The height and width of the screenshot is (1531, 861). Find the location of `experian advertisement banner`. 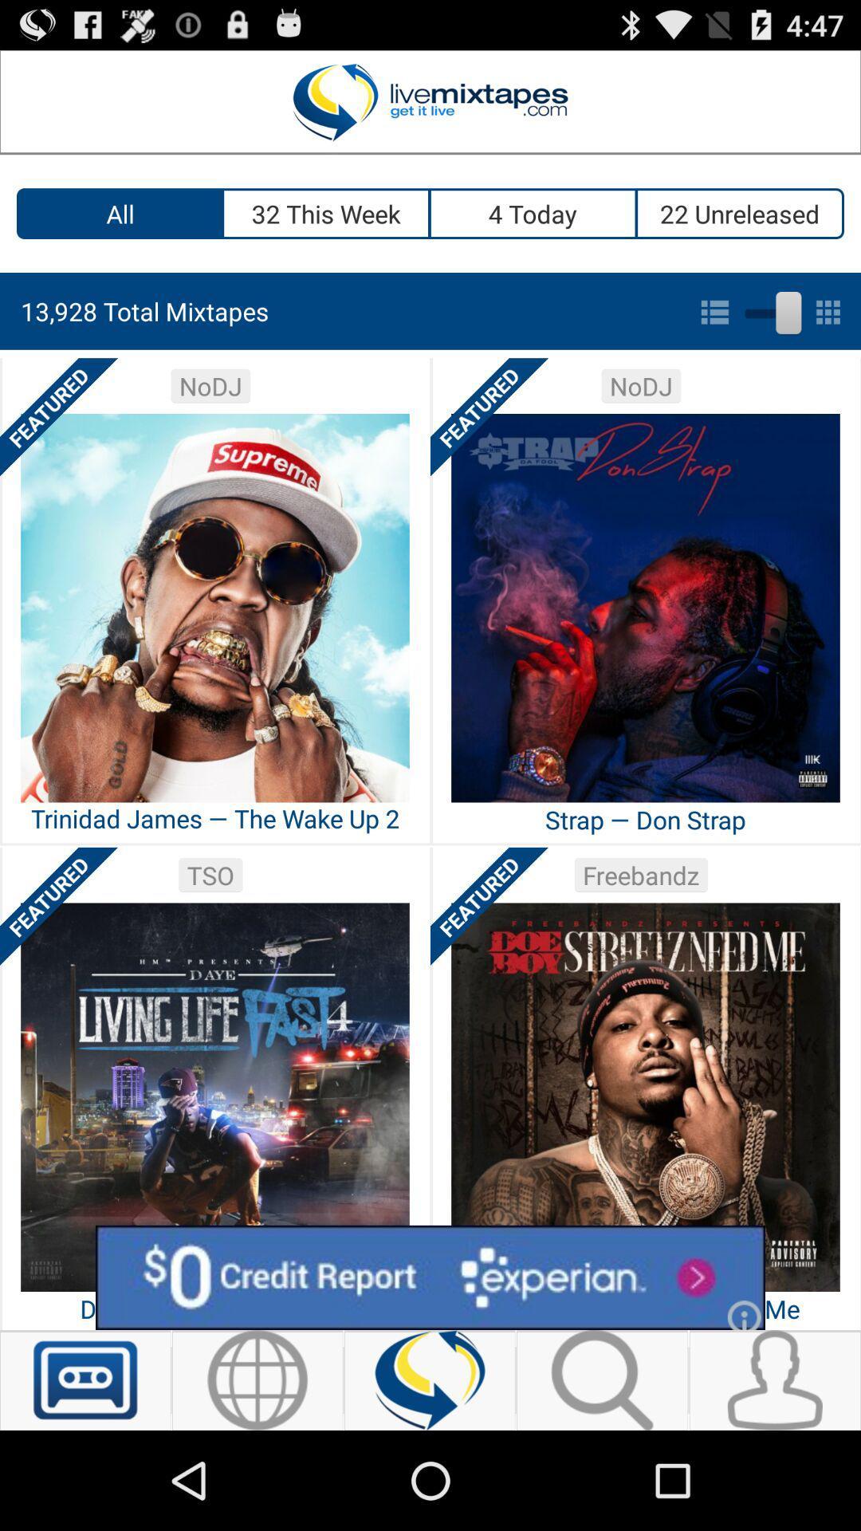

experian advertisement banner is located at coordinates (431, 1277).